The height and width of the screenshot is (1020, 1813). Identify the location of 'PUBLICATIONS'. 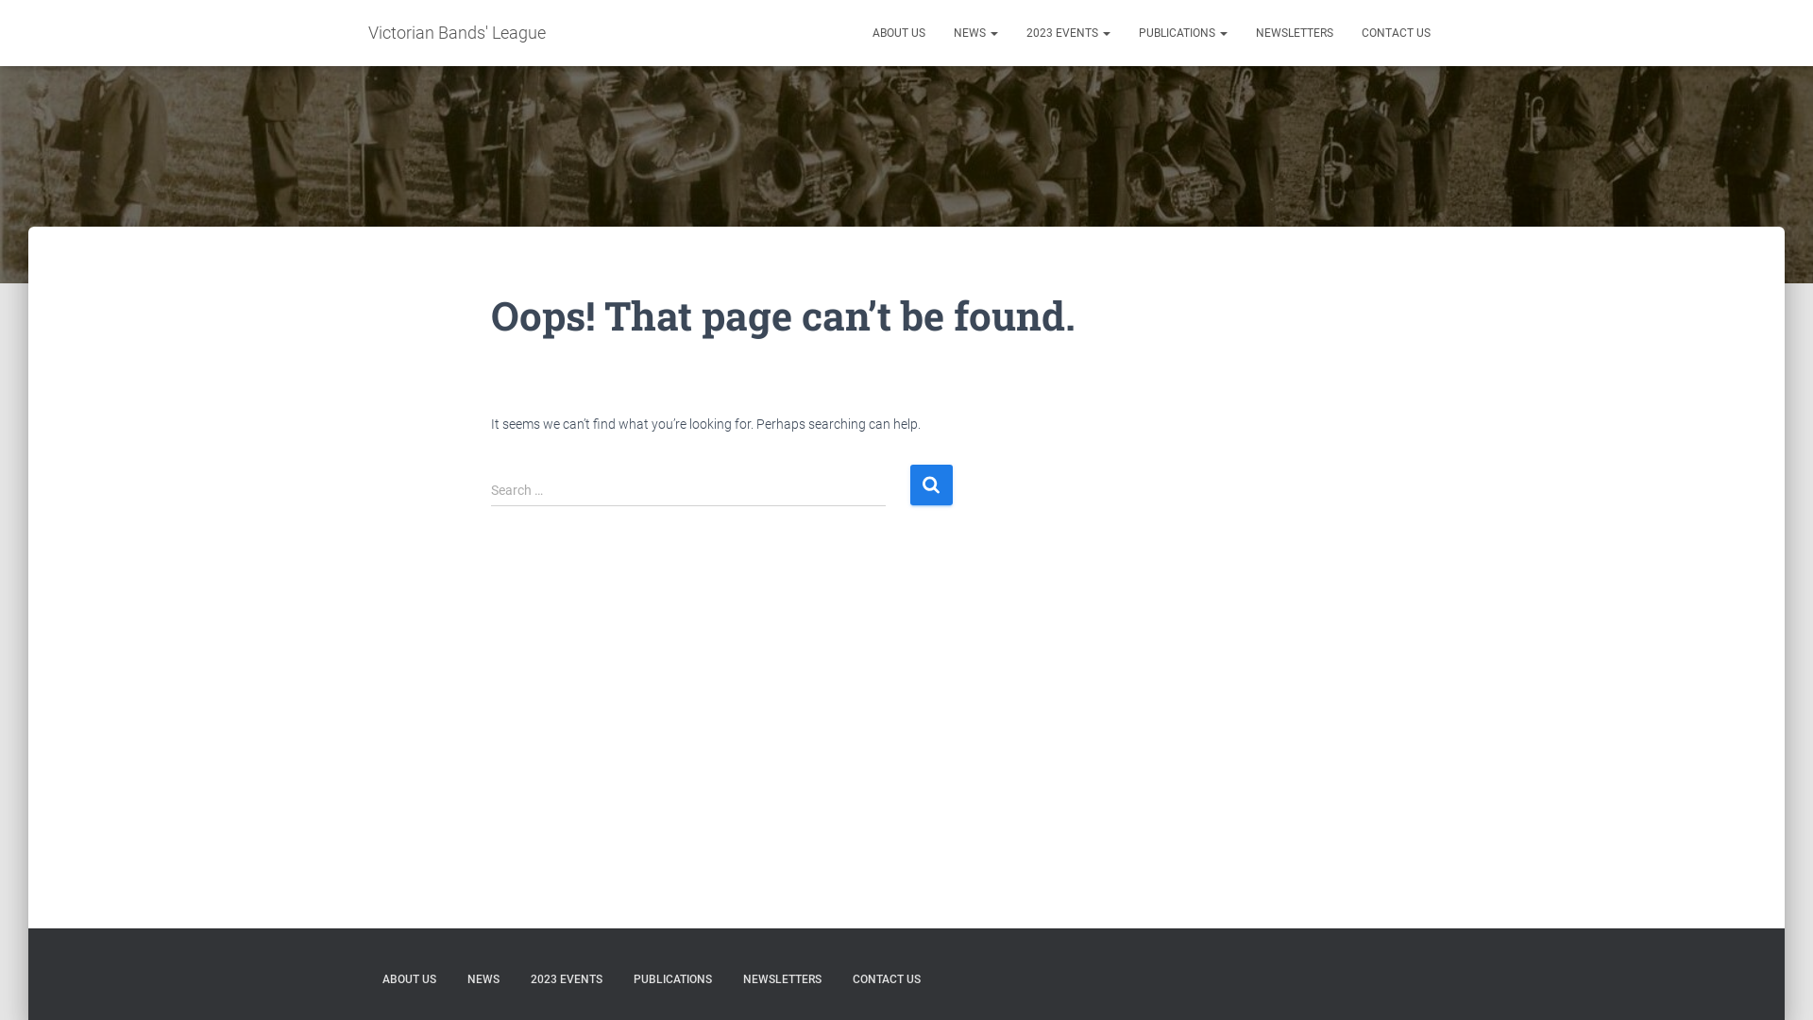
(1181, 32).